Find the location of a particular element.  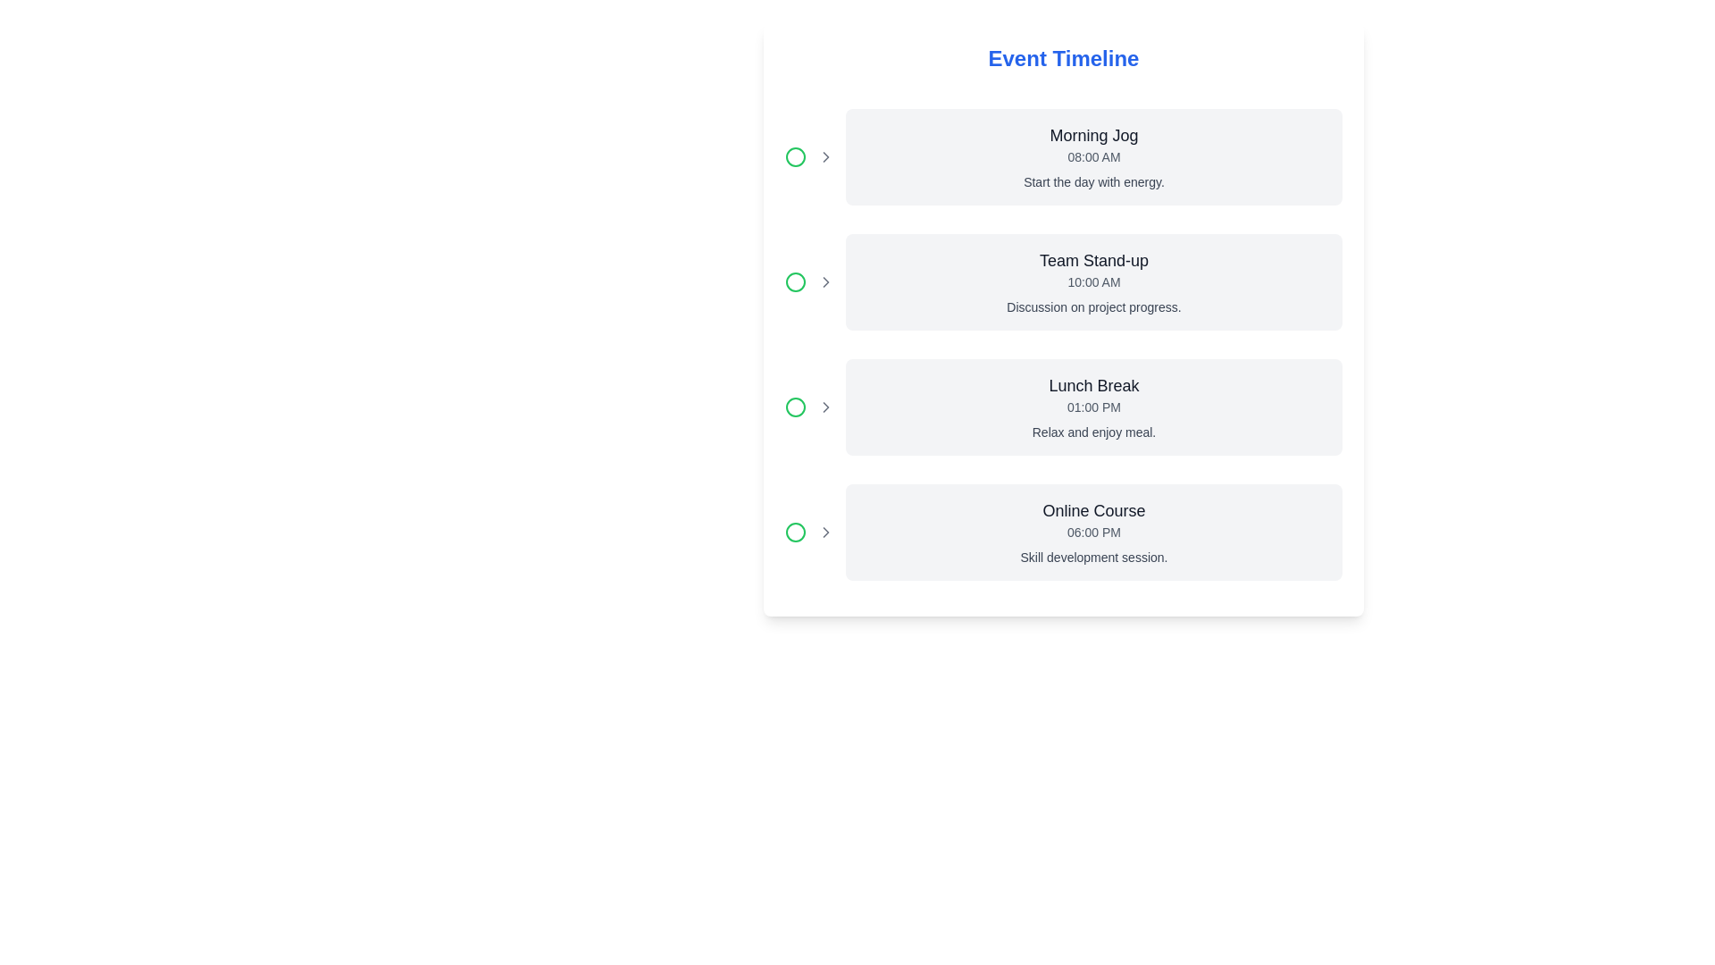

the rightward-pointing chevron icon located to the right of the circular status indicator of the fourth event entry titled 'Online Course' in the Event Timeline is located at coordinates (825, 532).